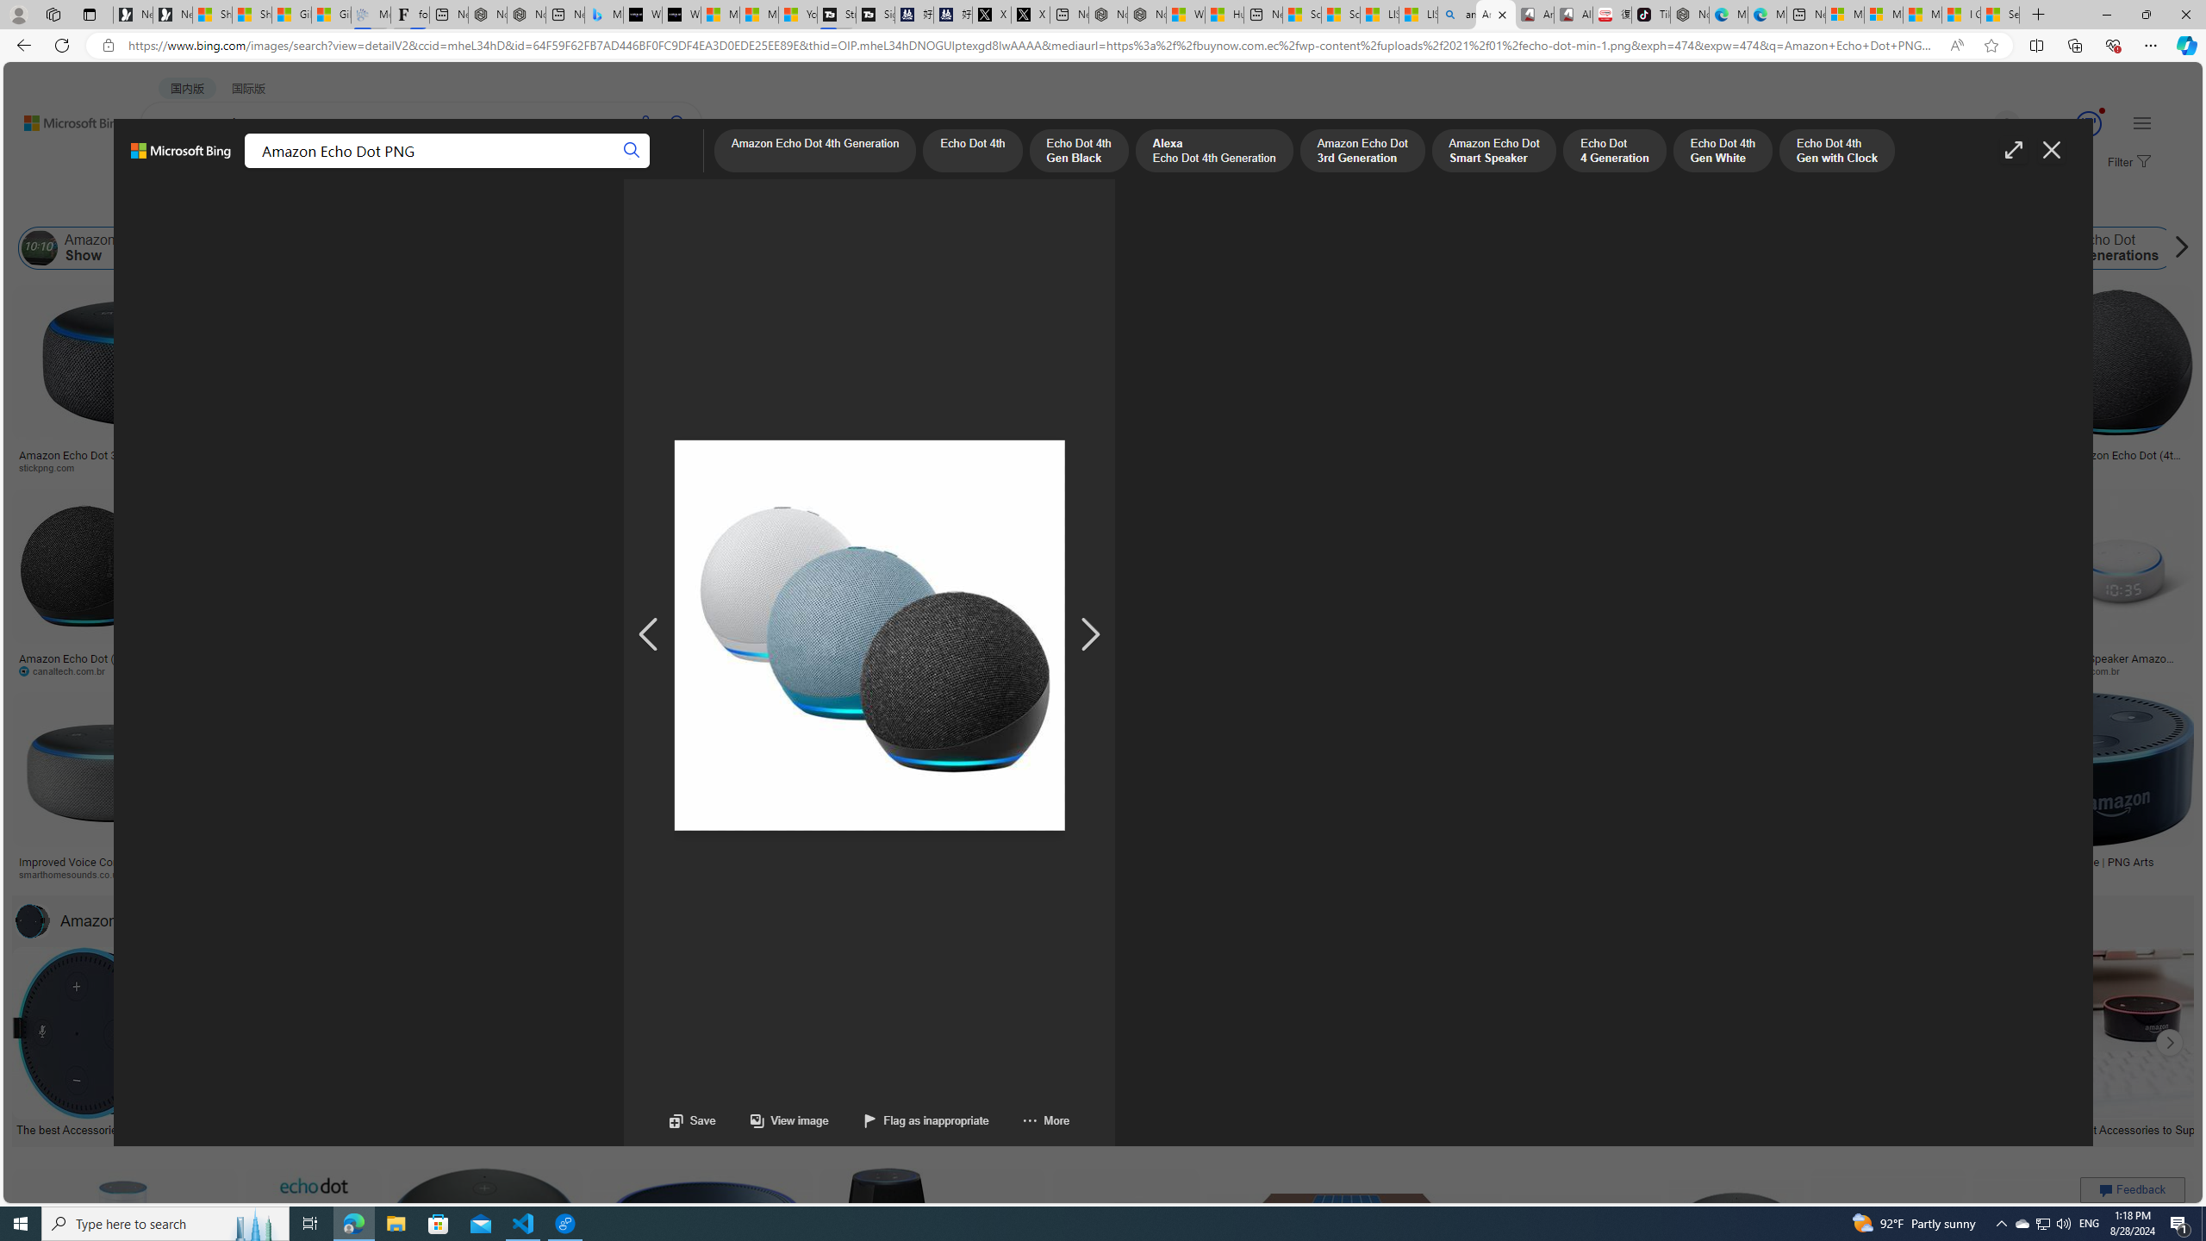 This screenshot has width=2206, height=1241. Describe the element at coordinates (1960, 14) in the screenshot. I see `'I Gained 20 Pounds of Muscle in 30 Days! | Watch'` at that location.